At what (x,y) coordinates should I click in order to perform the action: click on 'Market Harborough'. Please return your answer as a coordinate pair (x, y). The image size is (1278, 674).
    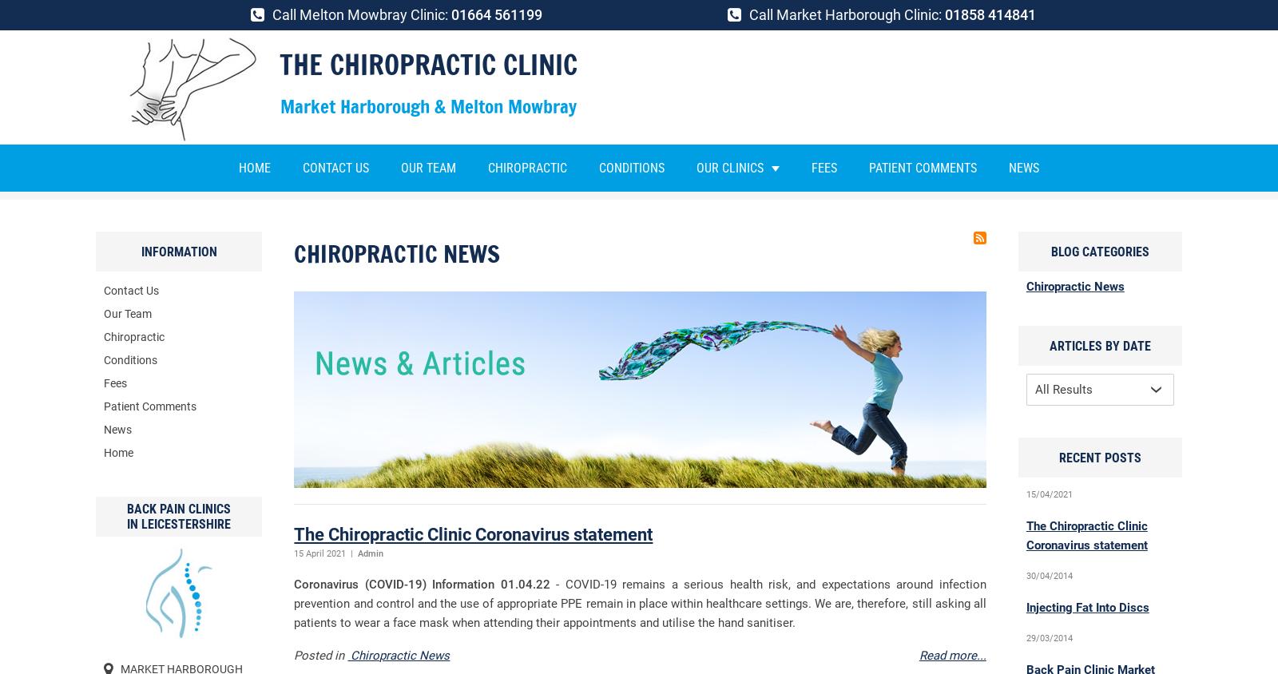
    Looking at the image, I should click on (775, 208).